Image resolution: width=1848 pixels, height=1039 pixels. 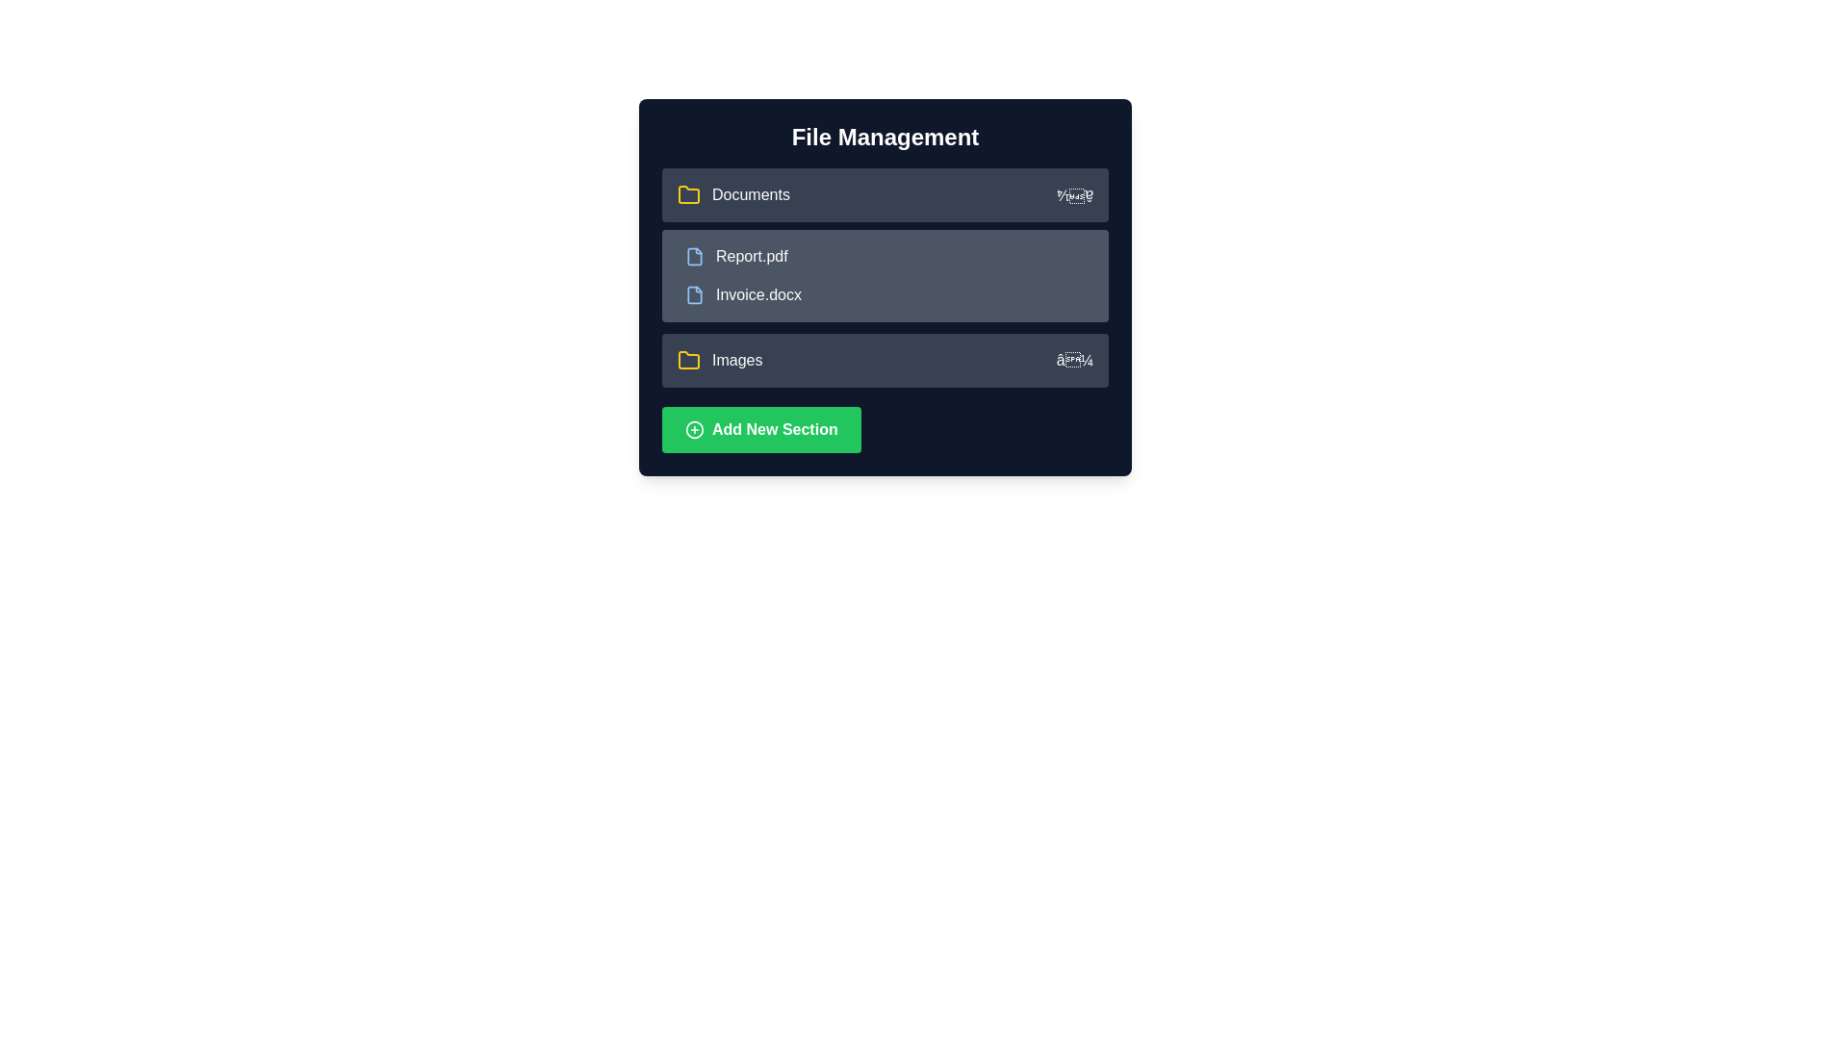 I want to click on the file icon with a blue outline and light-blue foreground, located to the immediate left of the text 'Report.pdf' in the file management panel, so click(x=693, y=255).